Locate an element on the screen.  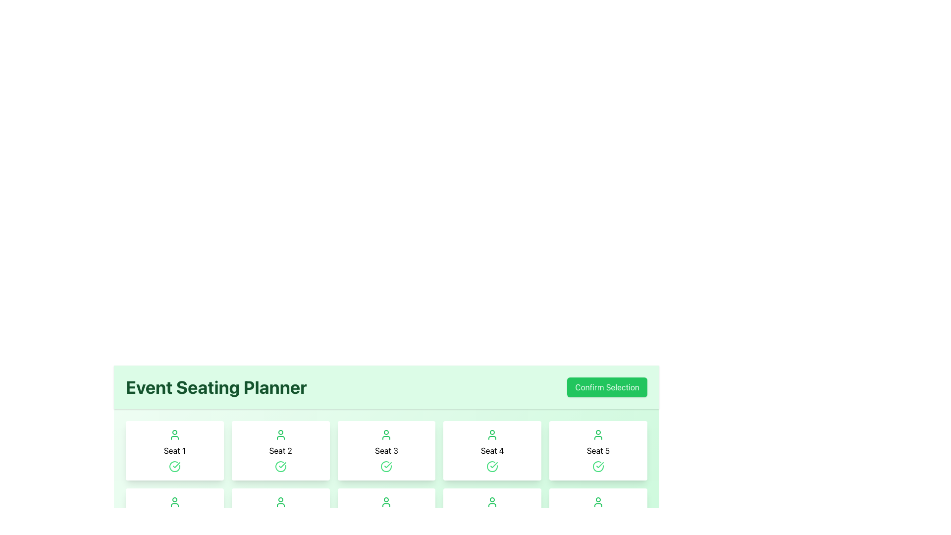
the user silhouette icon with a green outline located above the text 'Seat 6' is located at coordinates (174, 502).